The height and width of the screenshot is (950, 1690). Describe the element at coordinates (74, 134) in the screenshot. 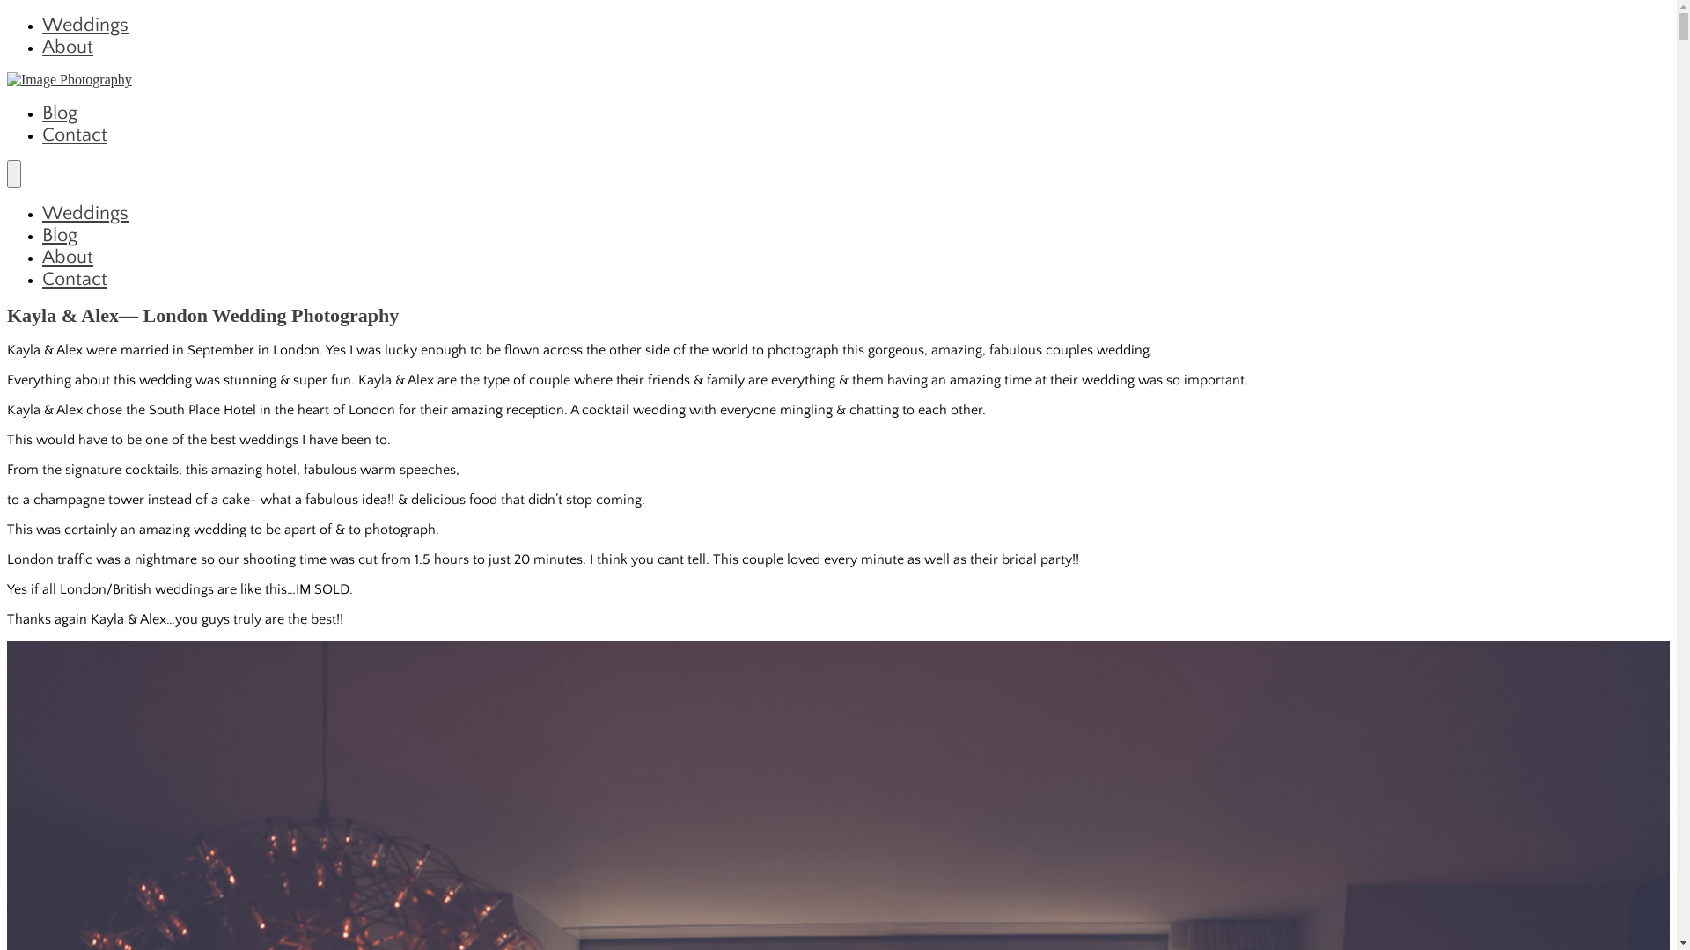

I see `'Contact'` at that location.